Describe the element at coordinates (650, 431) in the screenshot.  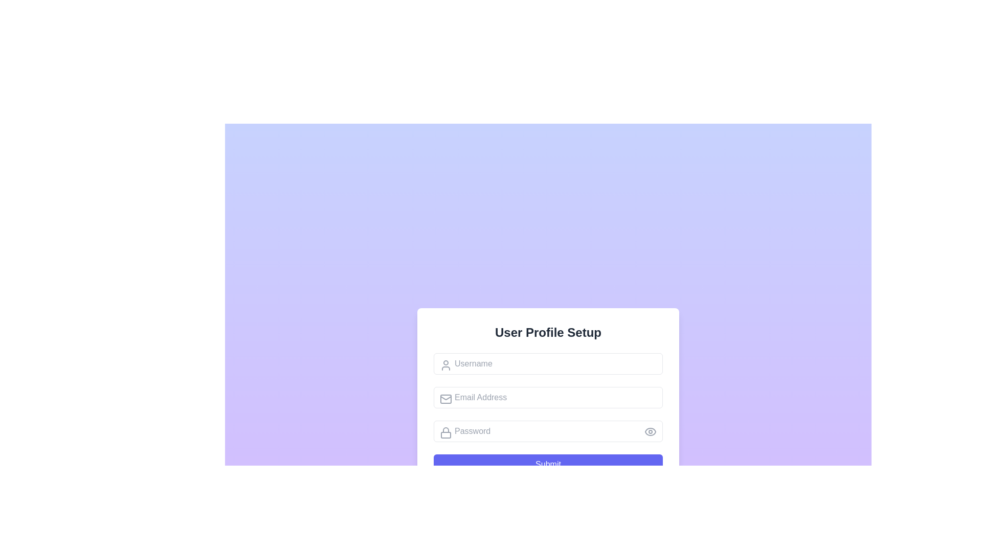
I see `the eye icon located on the right side of the password input field` at that location.